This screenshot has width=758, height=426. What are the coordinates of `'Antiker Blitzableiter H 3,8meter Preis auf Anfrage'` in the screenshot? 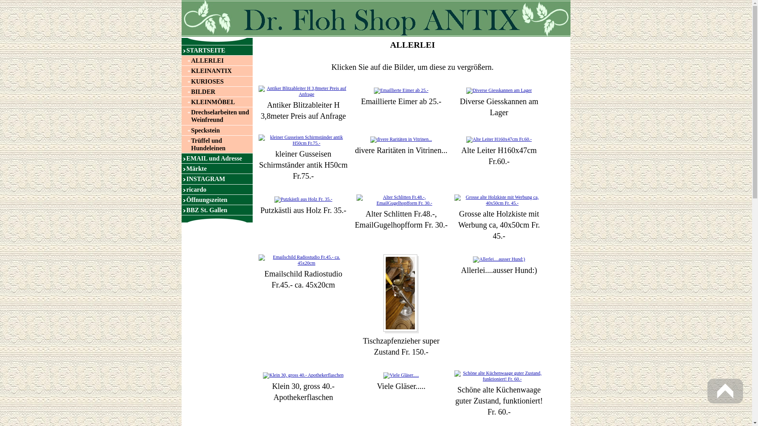 It's located at (303, 91).